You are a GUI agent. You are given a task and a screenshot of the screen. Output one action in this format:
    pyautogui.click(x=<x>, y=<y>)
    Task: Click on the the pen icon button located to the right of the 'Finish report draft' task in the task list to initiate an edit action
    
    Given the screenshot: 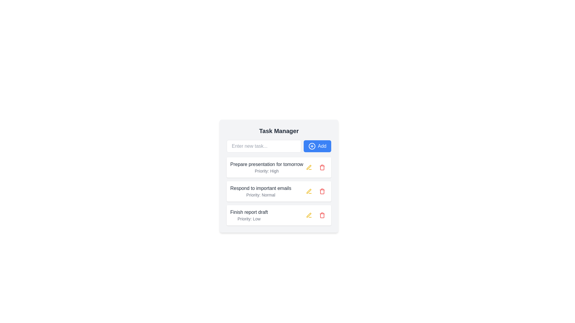 What is the action you would take?
    pyautogui.click(x=309, y=215)
    